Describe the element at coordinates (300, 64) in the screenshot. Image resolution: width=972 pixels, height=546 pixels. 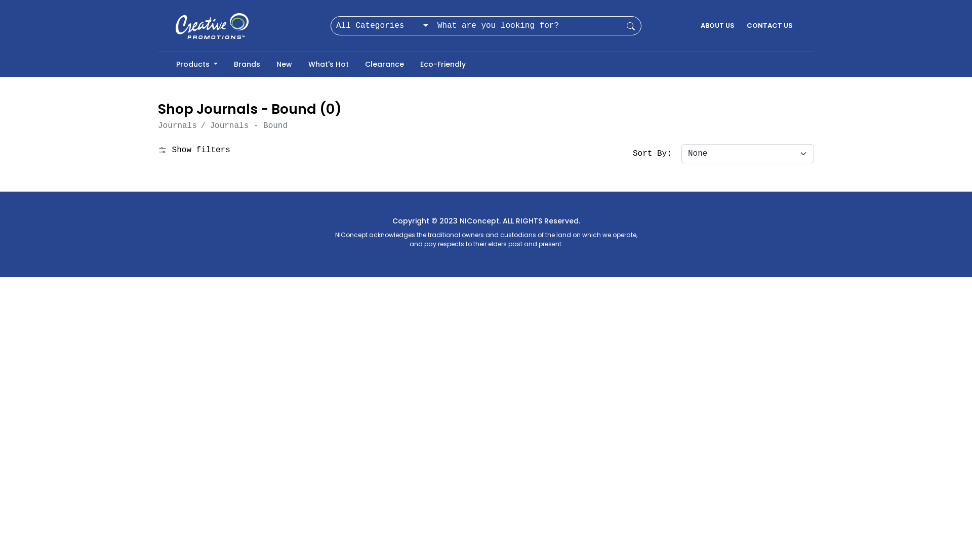
I see `'What's Hot'` at that location.